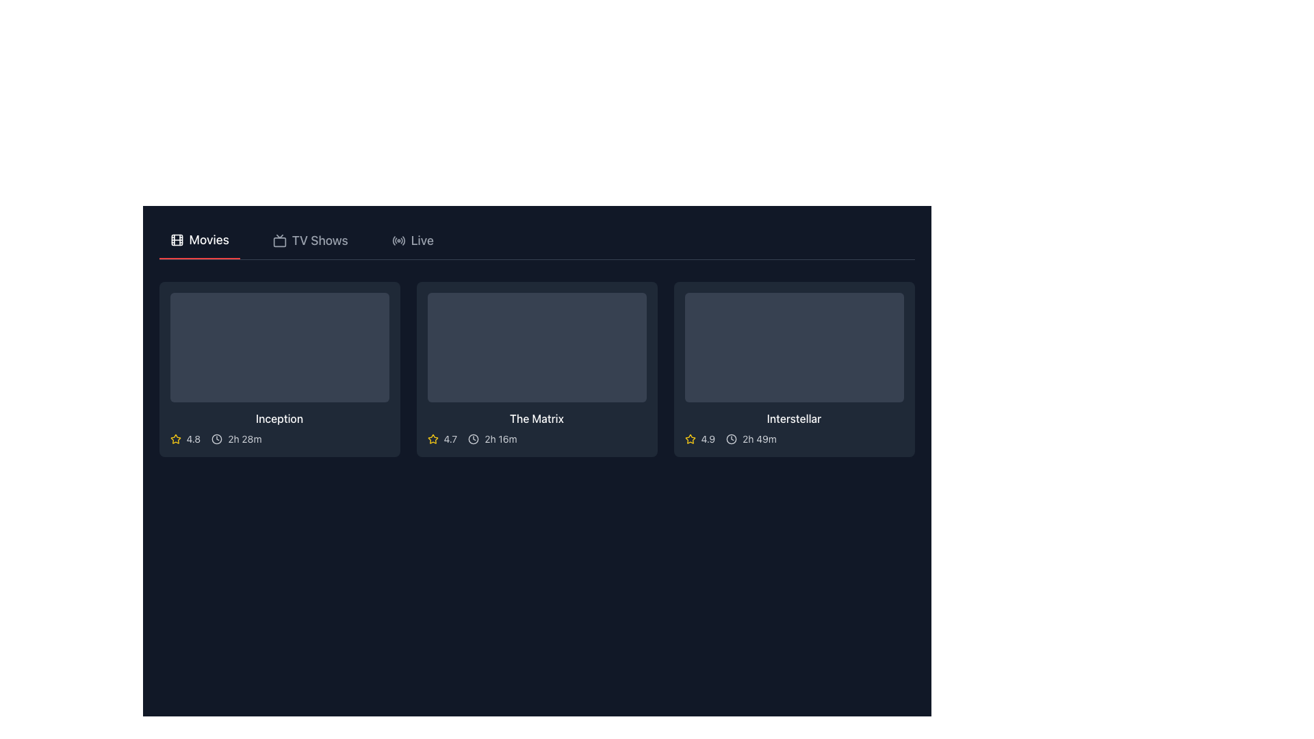 This screenshot has width=1314, height=739. What do you see at coordinates (450, 439) in the screenshot?
I see `numeric rating value '4.7' displayed in light gray color, positioned to the right of the yellow star icon in the middle card` at bounding box center [450, 439].